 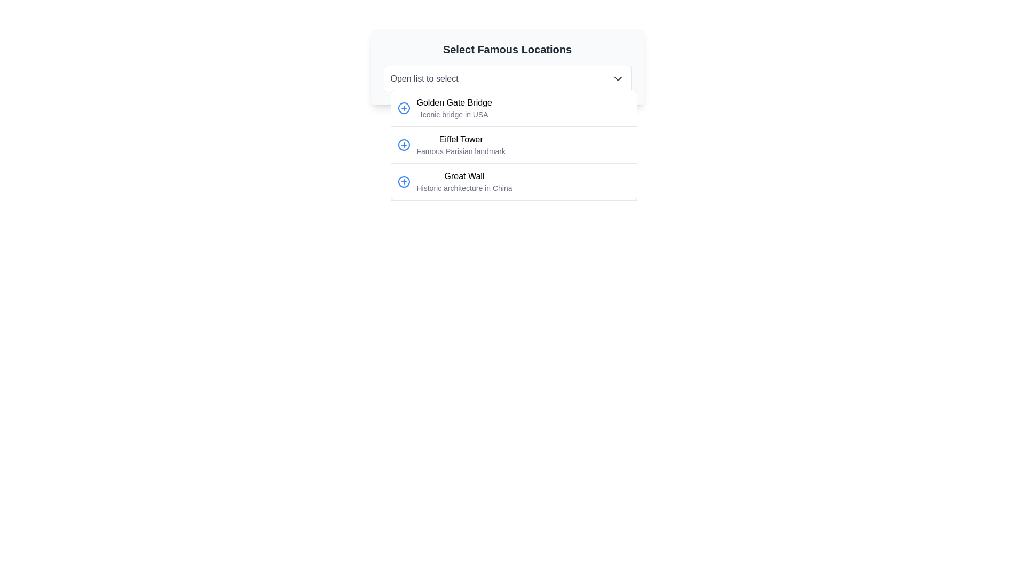 I want to click on the text label displaying 'Iconic bridge in USA', which is styled in gray and located directly beneath 'Golden Gate Bridge' in the list of famous locations, so click(x=454, y=115).